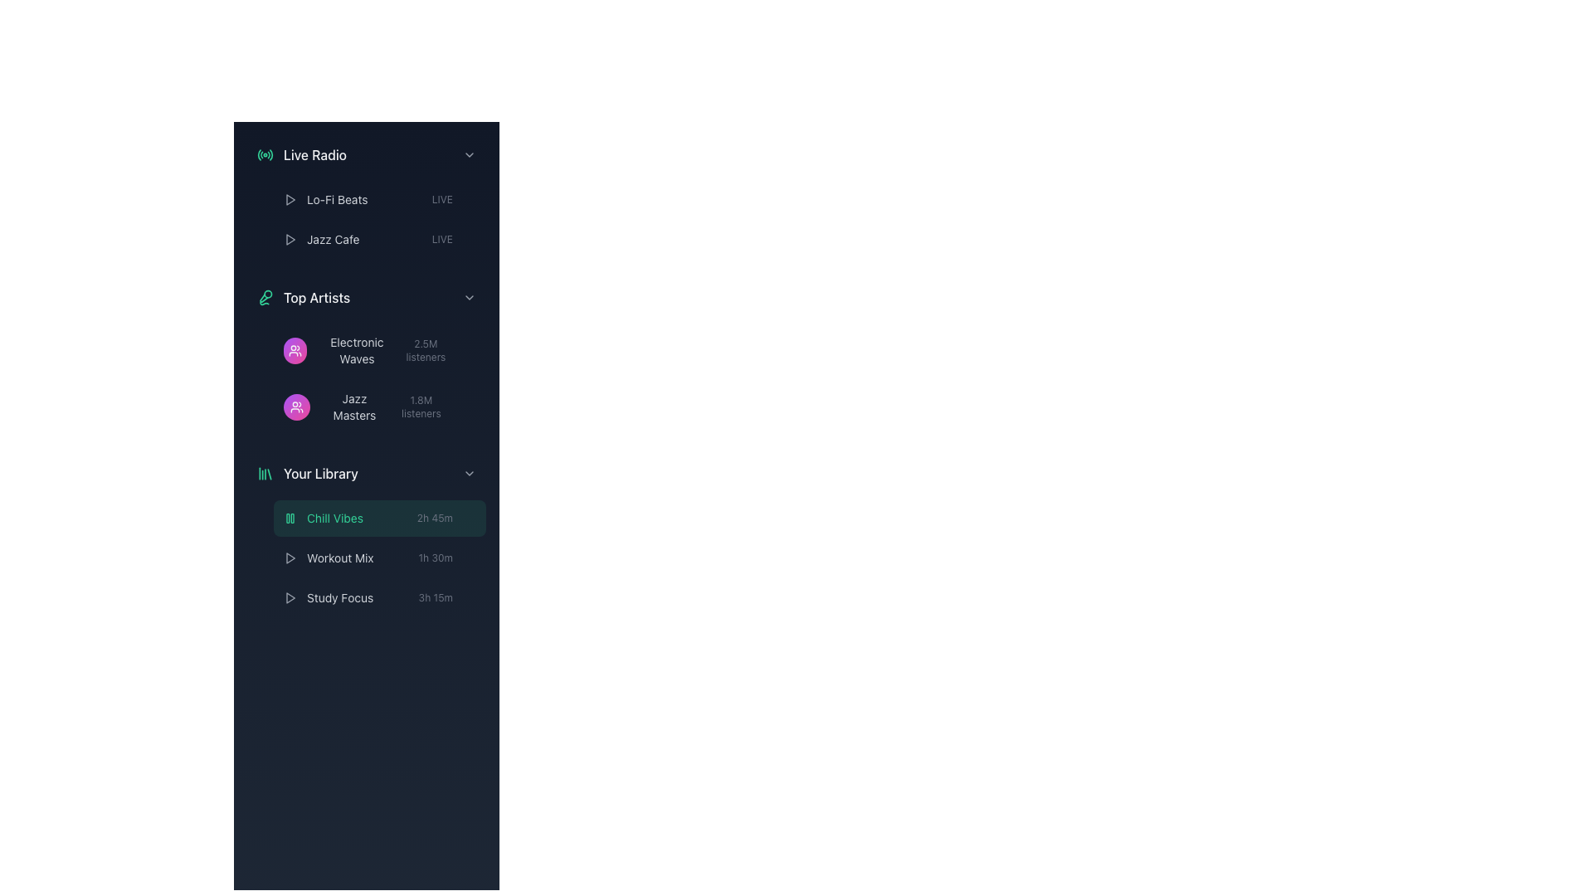 The height and width of the screenshot is (896, 1593). I want to click on the 'Your Library' menu item button located below the 'Top Artists' section, so click(365, 473).